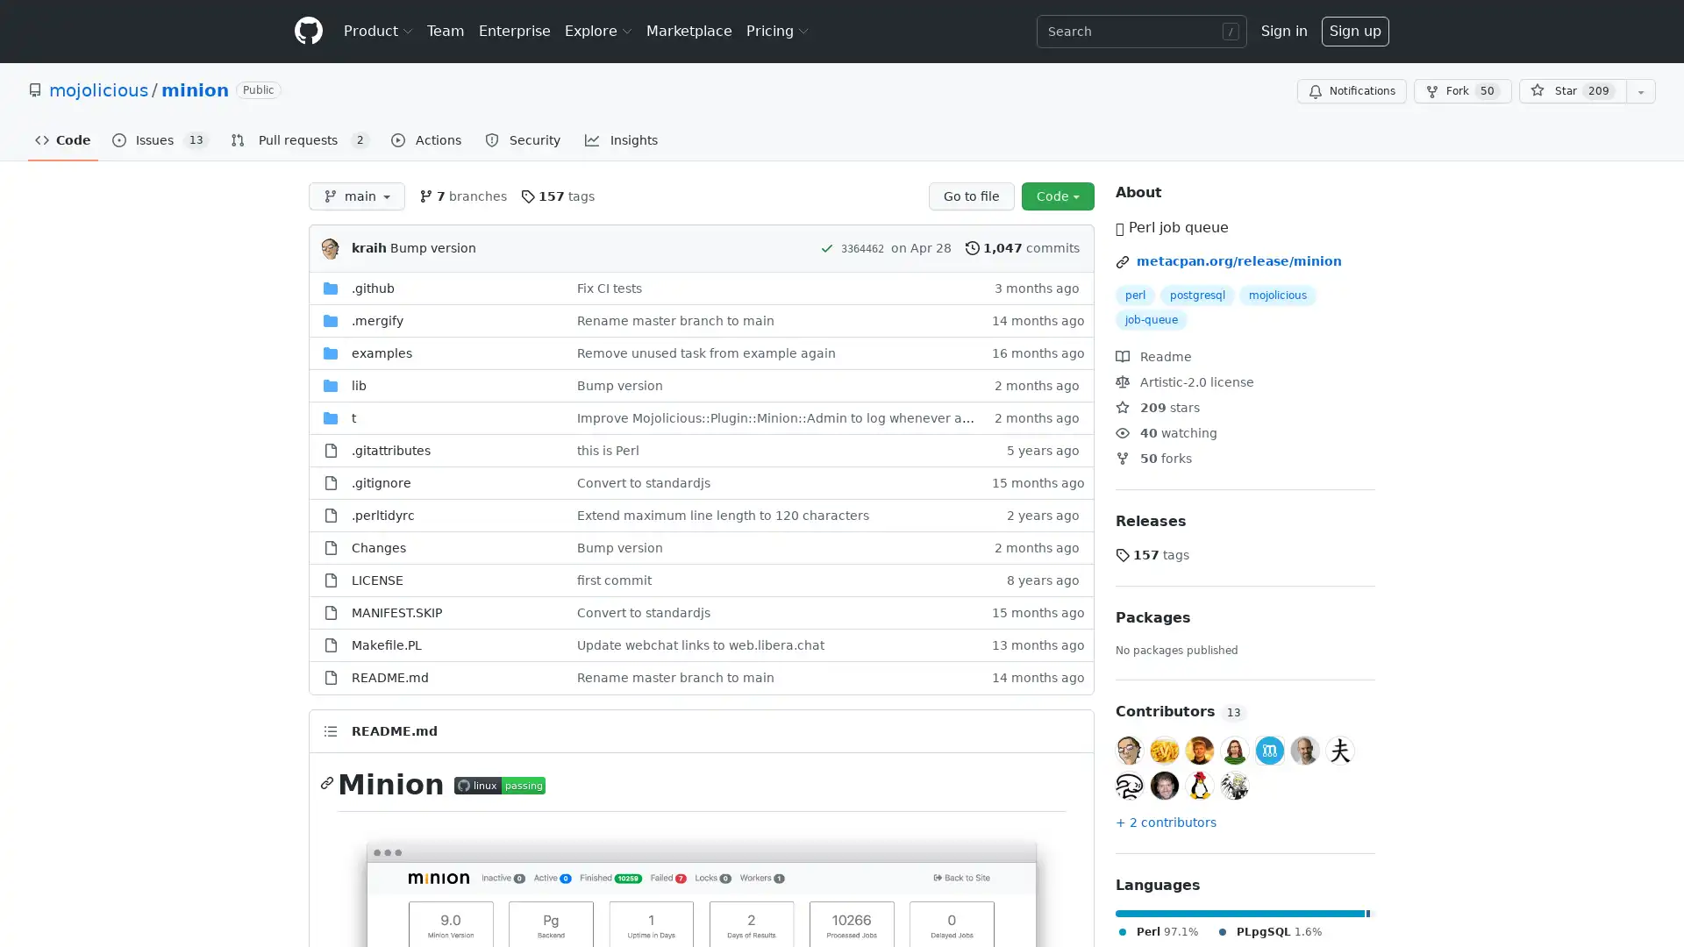 This screenshot has width=1684, height=947. What do you see at coordinates (1640, 91) in the screenshot?
I see `You must be signed in to add this repository to a list` at bounding box center [1640, 91].